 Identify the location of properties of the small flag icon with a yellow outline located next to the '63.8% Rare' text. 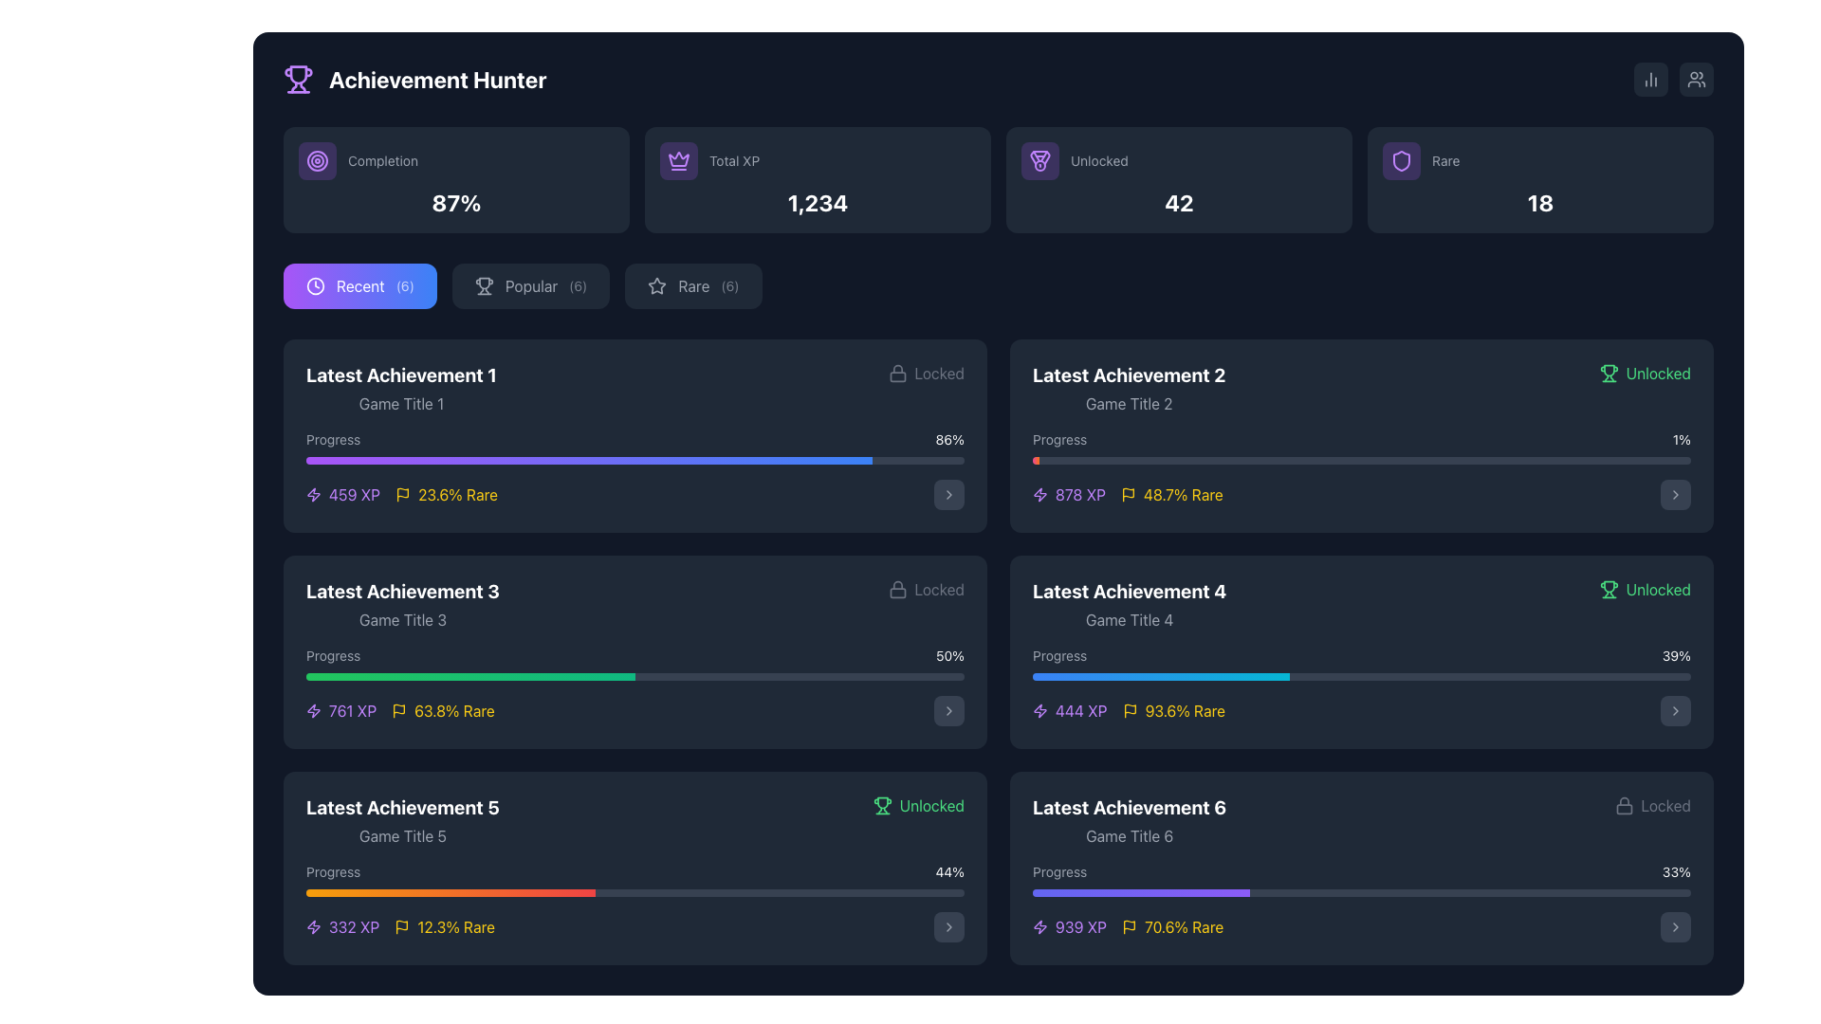
(398, 710).